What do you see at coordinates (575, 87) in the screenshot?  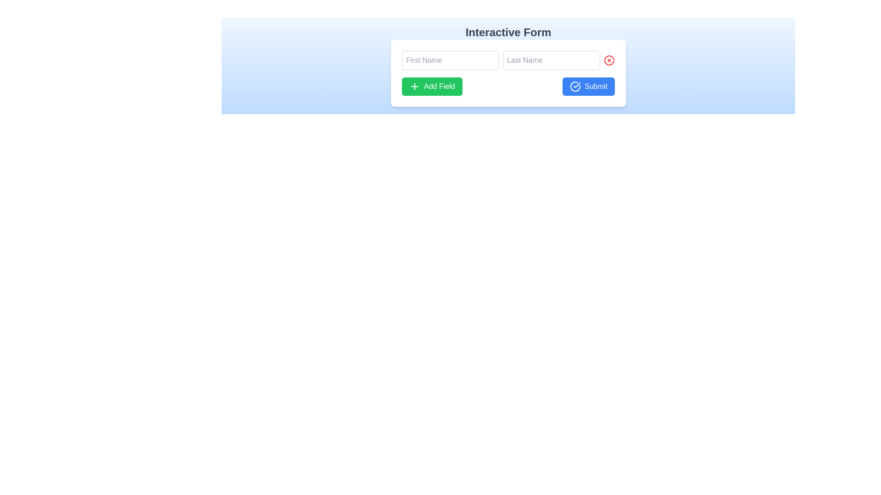 I see `the confirmation icon located on the left side of the 'Submit' text within the 'Submit' button` at bounding box center [575, 87].